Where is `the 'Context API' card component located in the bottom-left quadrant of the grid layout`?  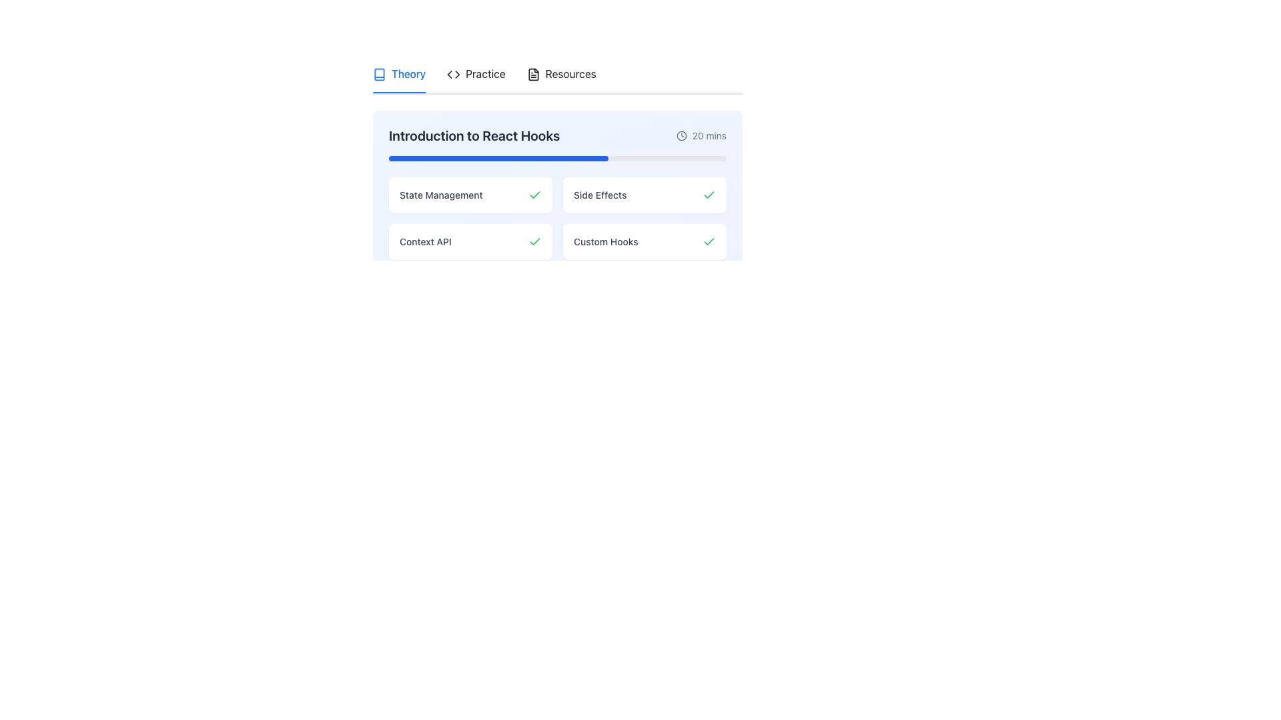
the 'Context API' card component located in the bottom-left quadrant of the grid layout is located at coordinates (470, 242).